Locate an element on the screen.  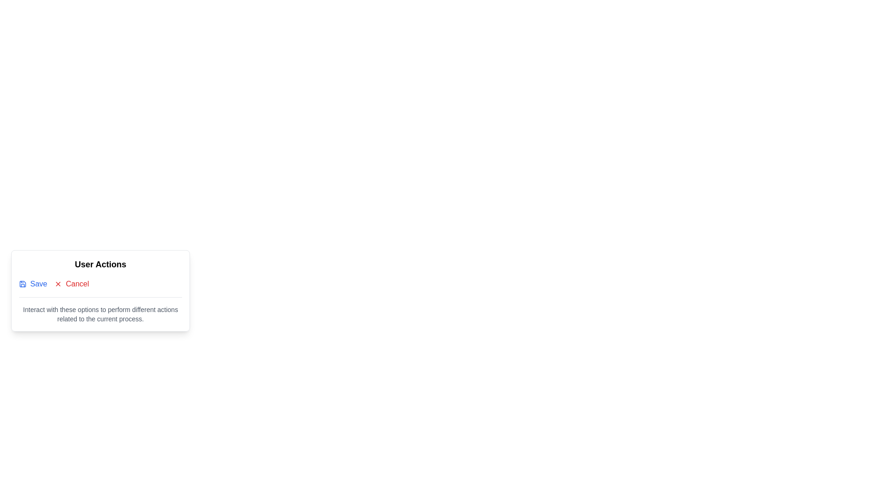
the 'Cancel' icon located within the 'Cancel' button, which enhances the understanding of the button's purpose, situated in the bottom-center portion of the interface is located at coordinates (58, 283).